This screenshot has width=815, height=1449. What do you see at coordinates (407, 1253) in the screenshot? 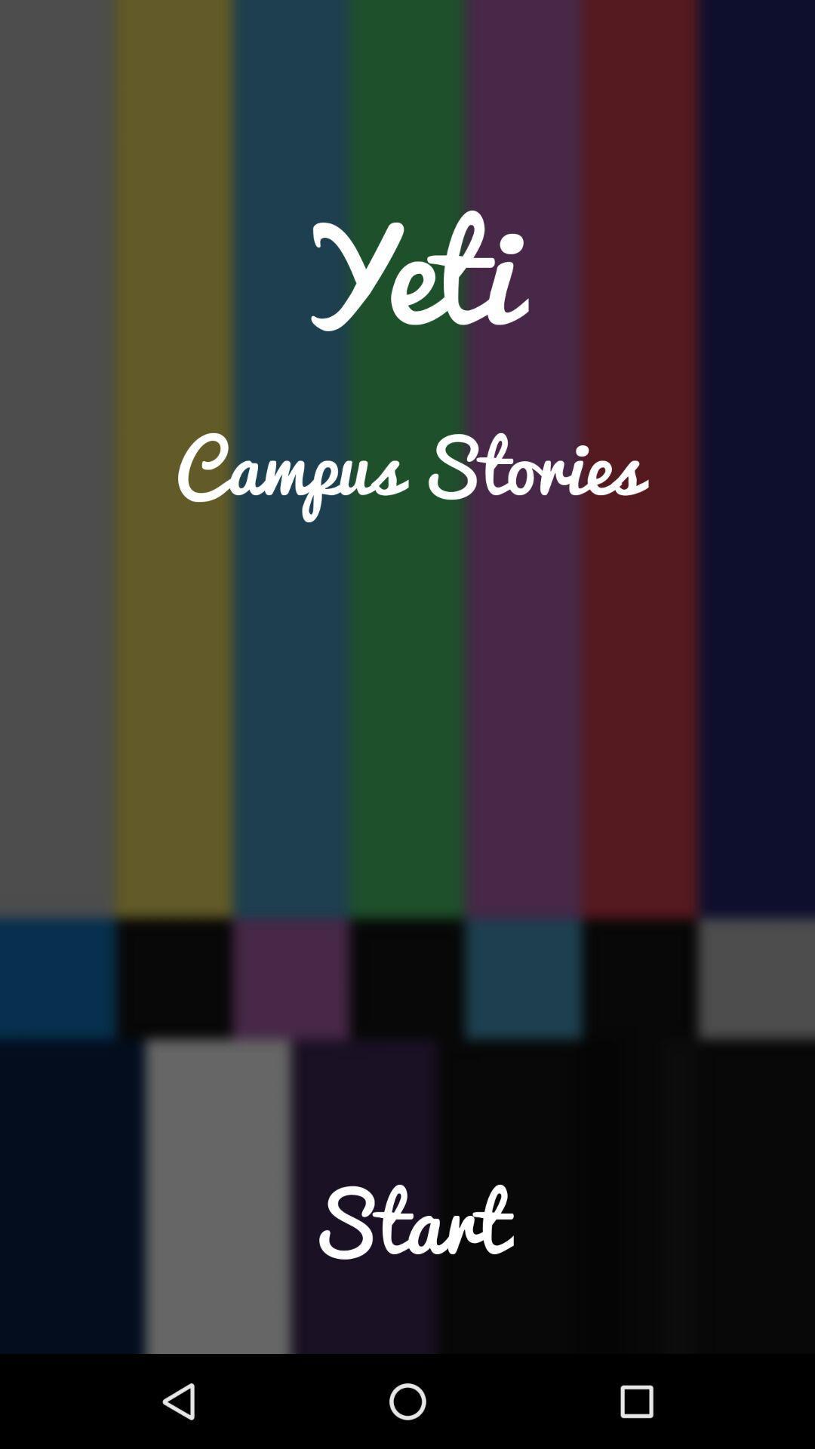
I see `the start icon` at bounding box center [407, 1253].